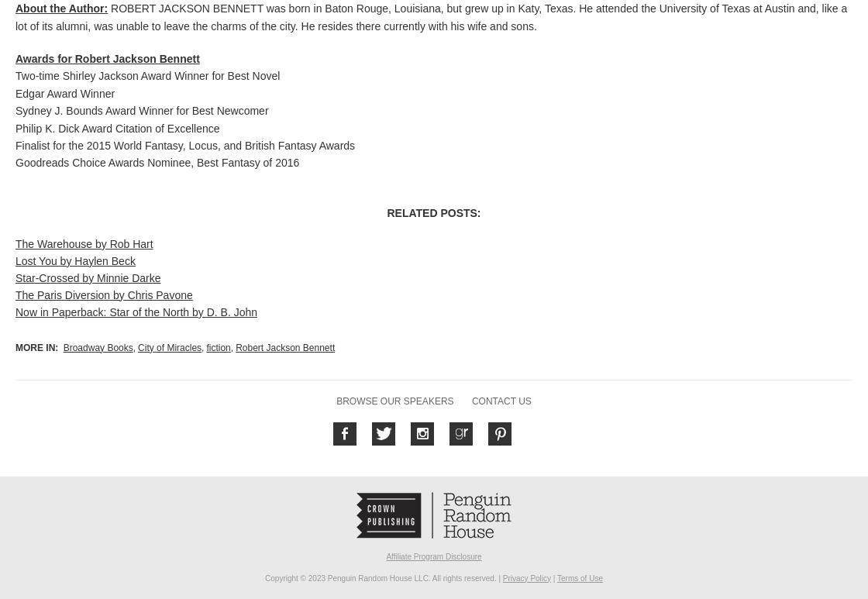 The width and height of the screenshot is (868, 599). I want to click on '|', so click(554, 577).